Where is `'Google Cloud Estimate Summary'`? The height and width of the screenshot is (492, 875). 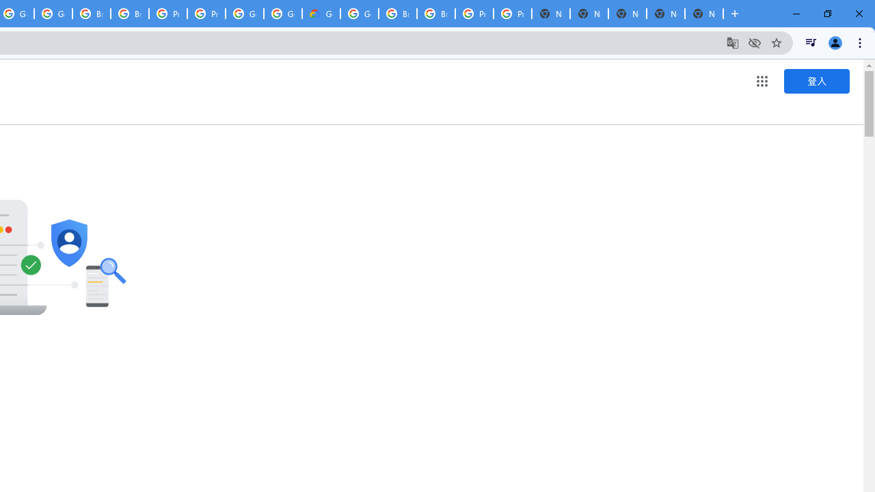 'Google Cloud Estimate Summary' is located at coordinates (320, 14).